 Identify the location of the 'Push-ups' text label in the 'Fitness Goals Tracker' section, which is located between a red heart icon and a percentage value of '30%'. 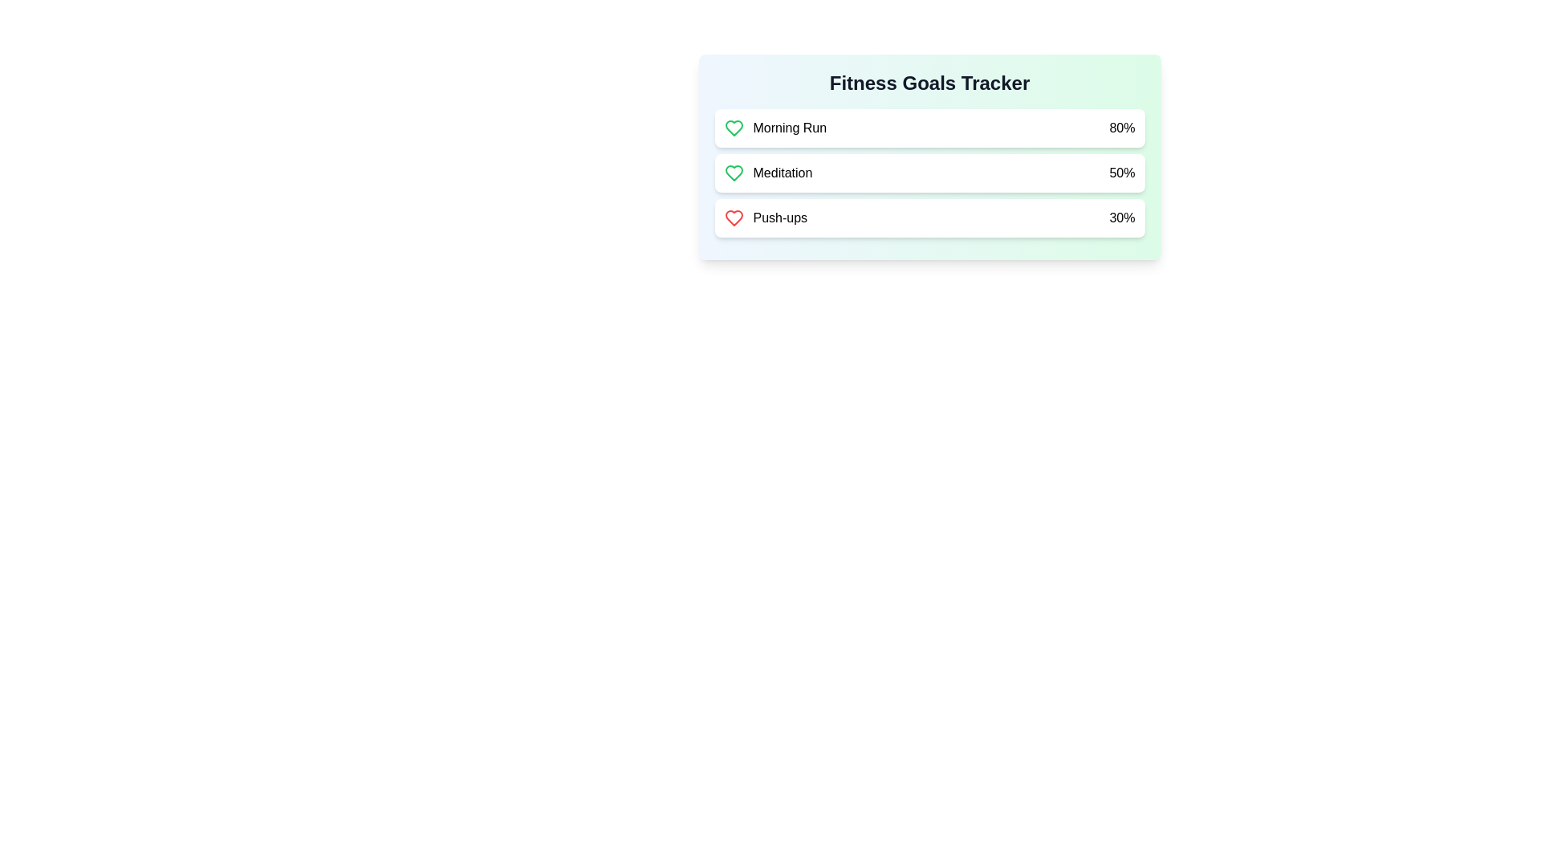
(780, 218).